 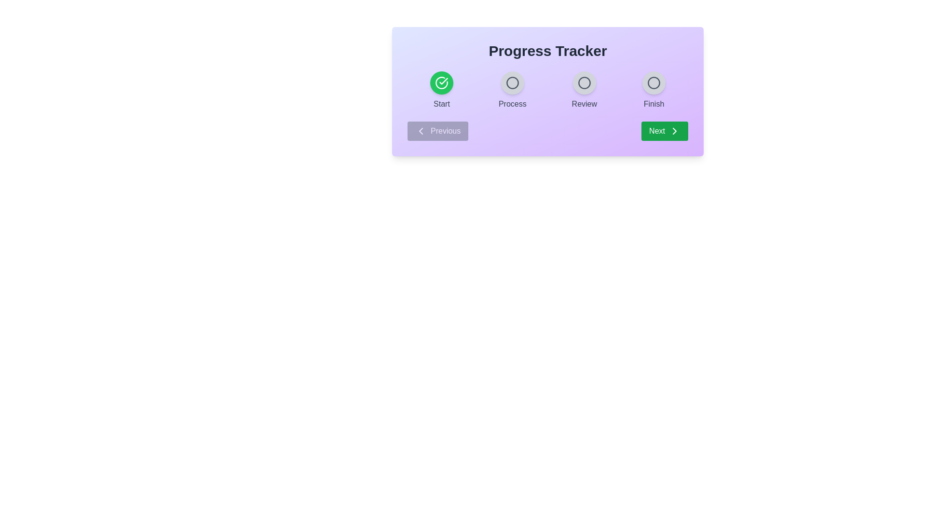 What do you see at coordinates (654, 82) in the screenshot?
I see `the Circular Progress Indicator representing the 'Finish' step in the progress tracker, located at the top-right of the interface` at bounding box center [654, 82].